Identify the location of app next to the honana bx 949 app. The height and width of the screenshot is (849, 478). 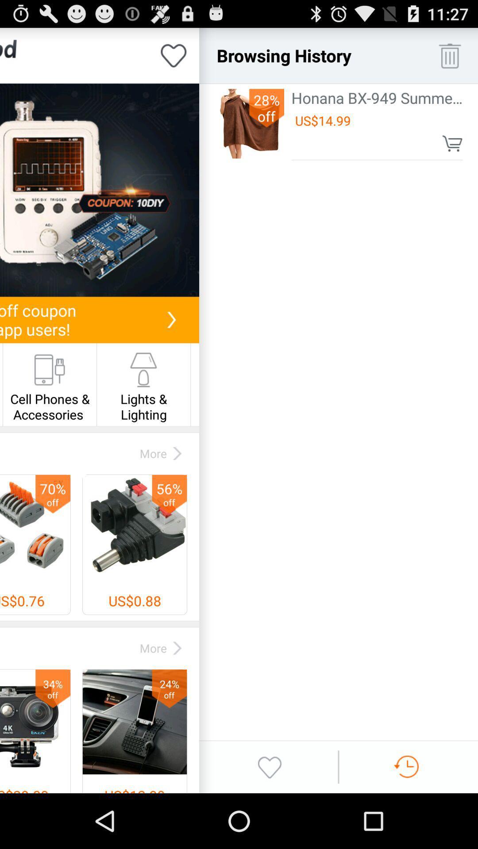
(266, 107).